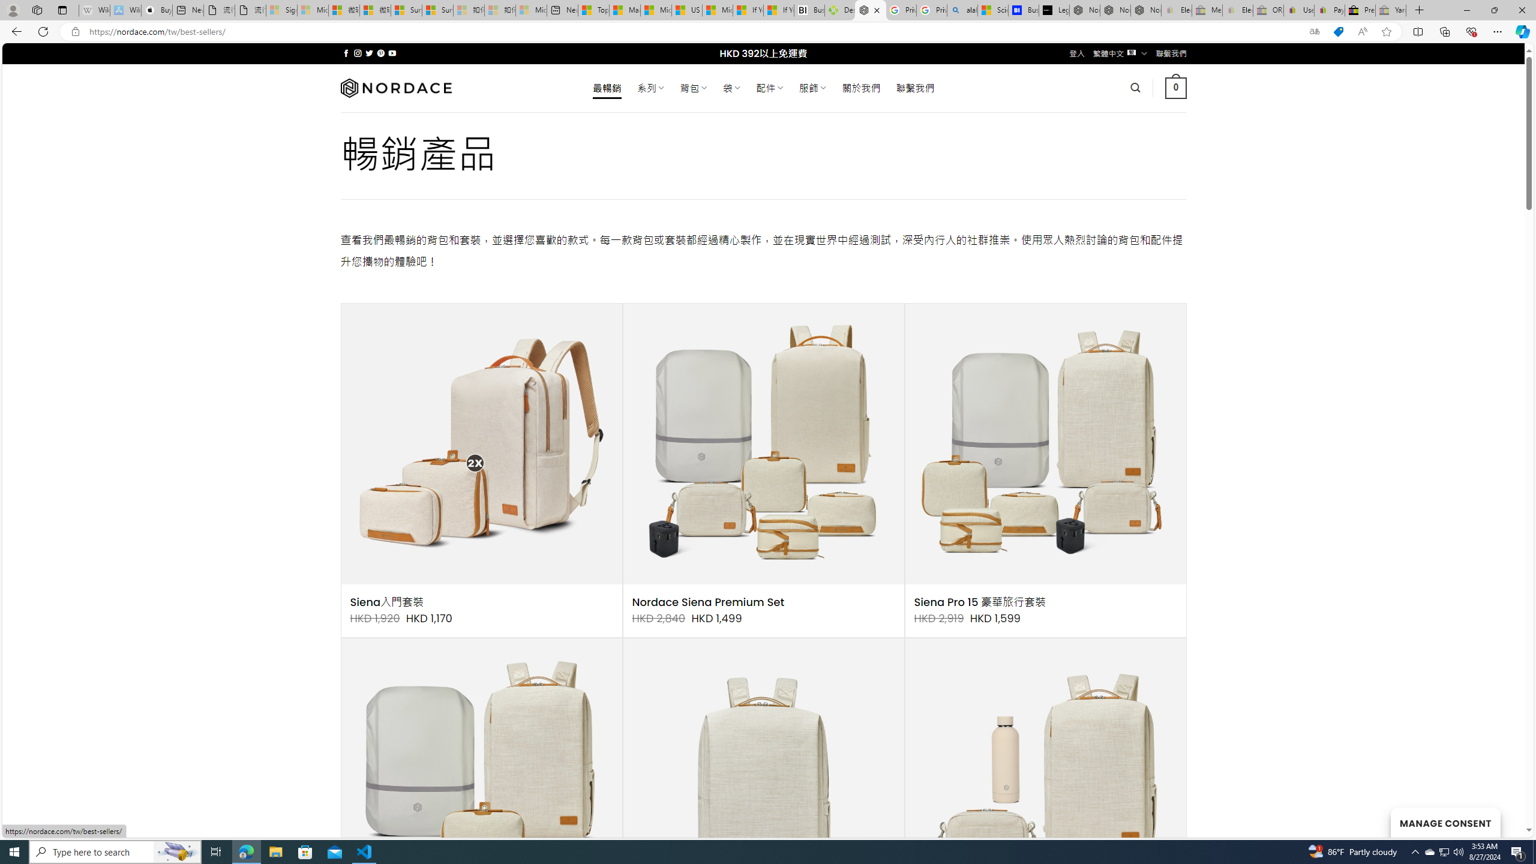  What do you see at coordinates (1444, 31) in the screenshot?
I see `'Collections'` at bounding box center [1444, 31].